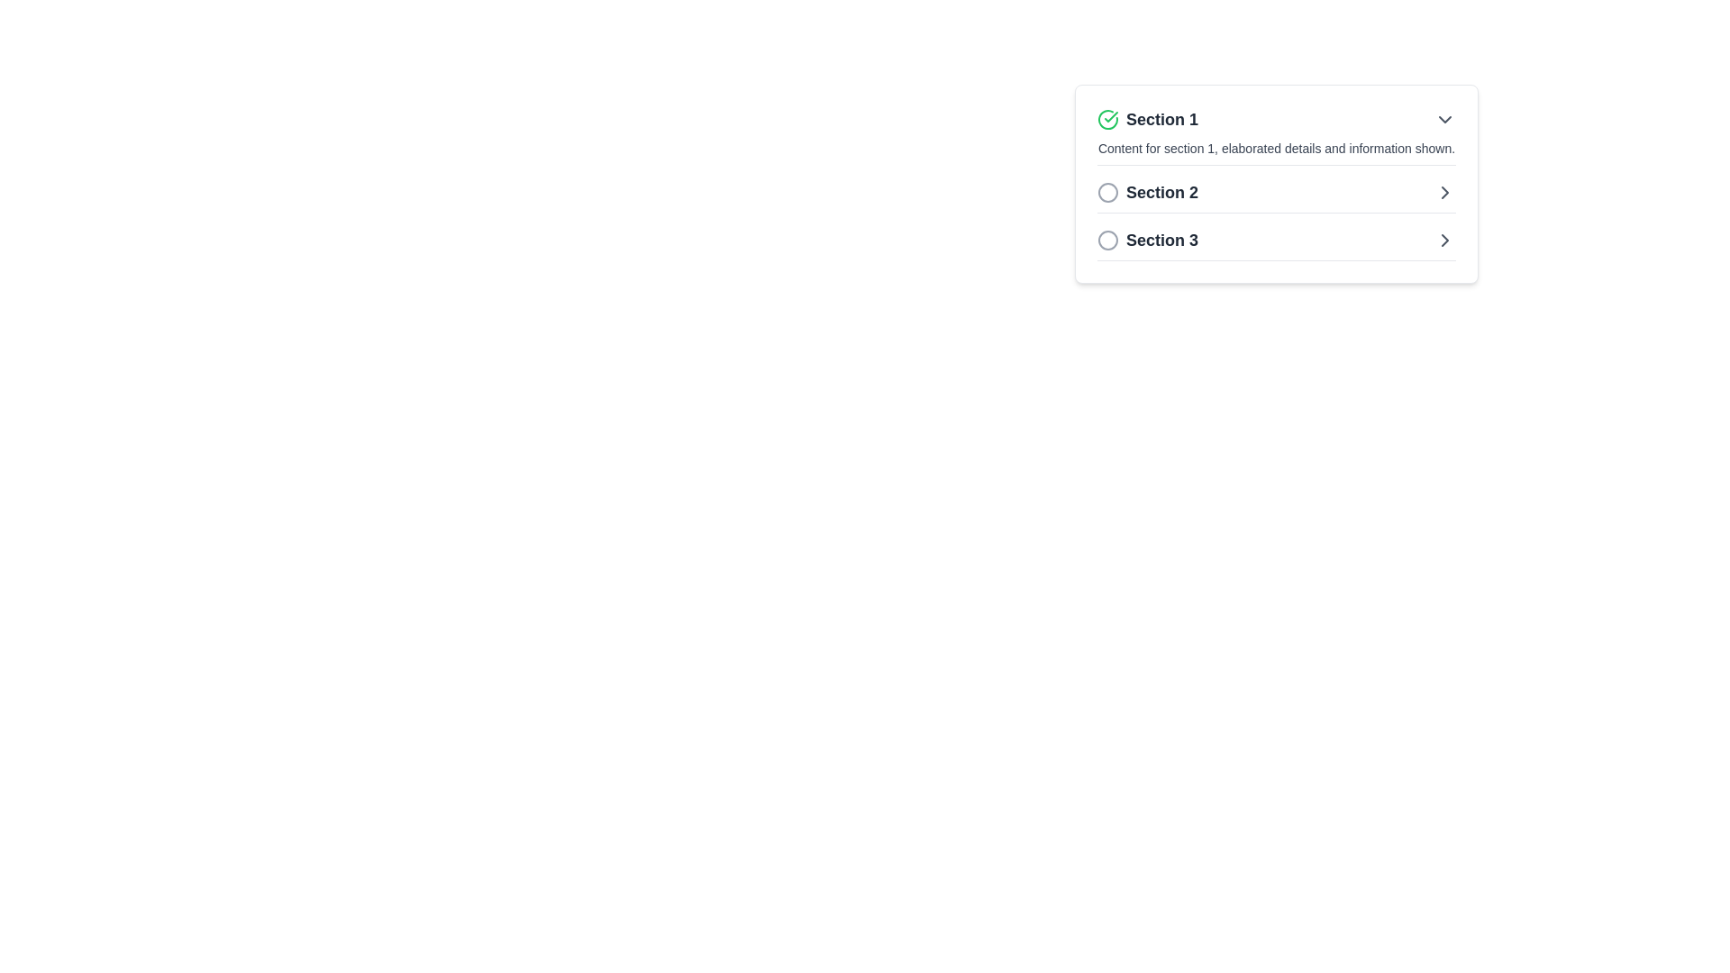  What do you see at coordinates (1106, 239) in the screenshot?
I see `the simple circle representing the state of the third section in the vertical list of icons next to the associated text` at bounding box center [1106, 239].